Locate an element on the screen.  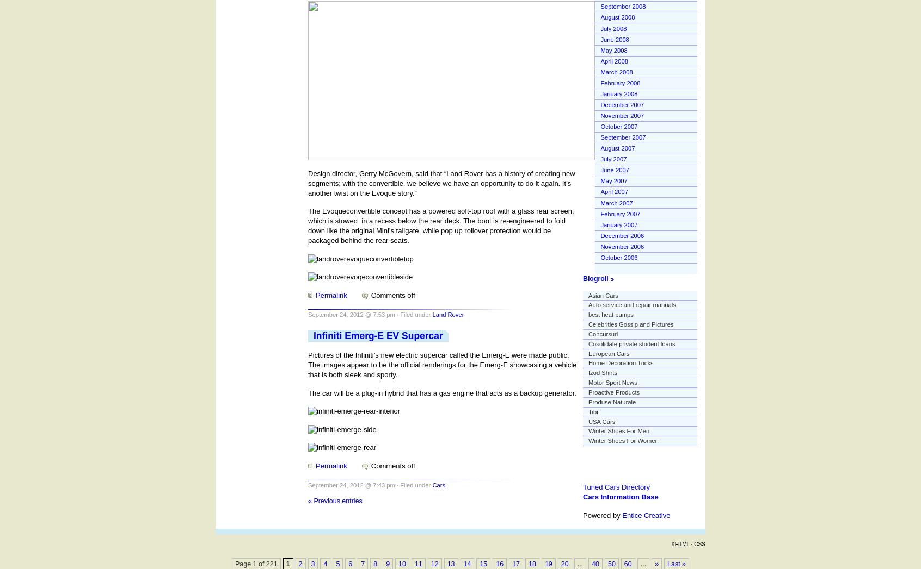
'Last »' is located at coordinates (676, 564).